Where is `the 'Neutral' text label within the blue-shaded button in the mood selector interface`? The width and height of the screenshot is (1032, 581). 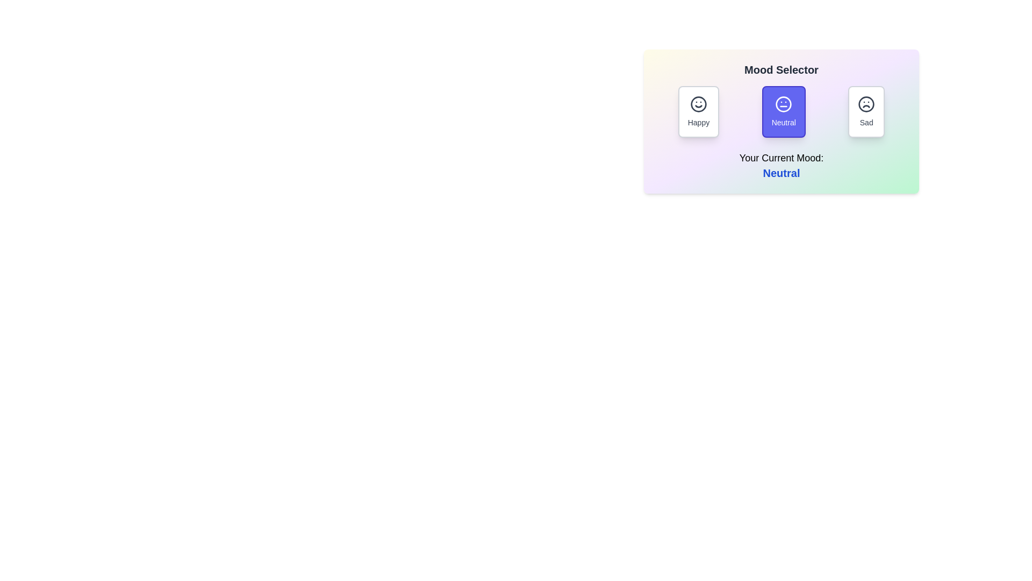
the 'Neutral' text label within the blue-shaded button in the mood selector interface is located at coordinates (784, 122).